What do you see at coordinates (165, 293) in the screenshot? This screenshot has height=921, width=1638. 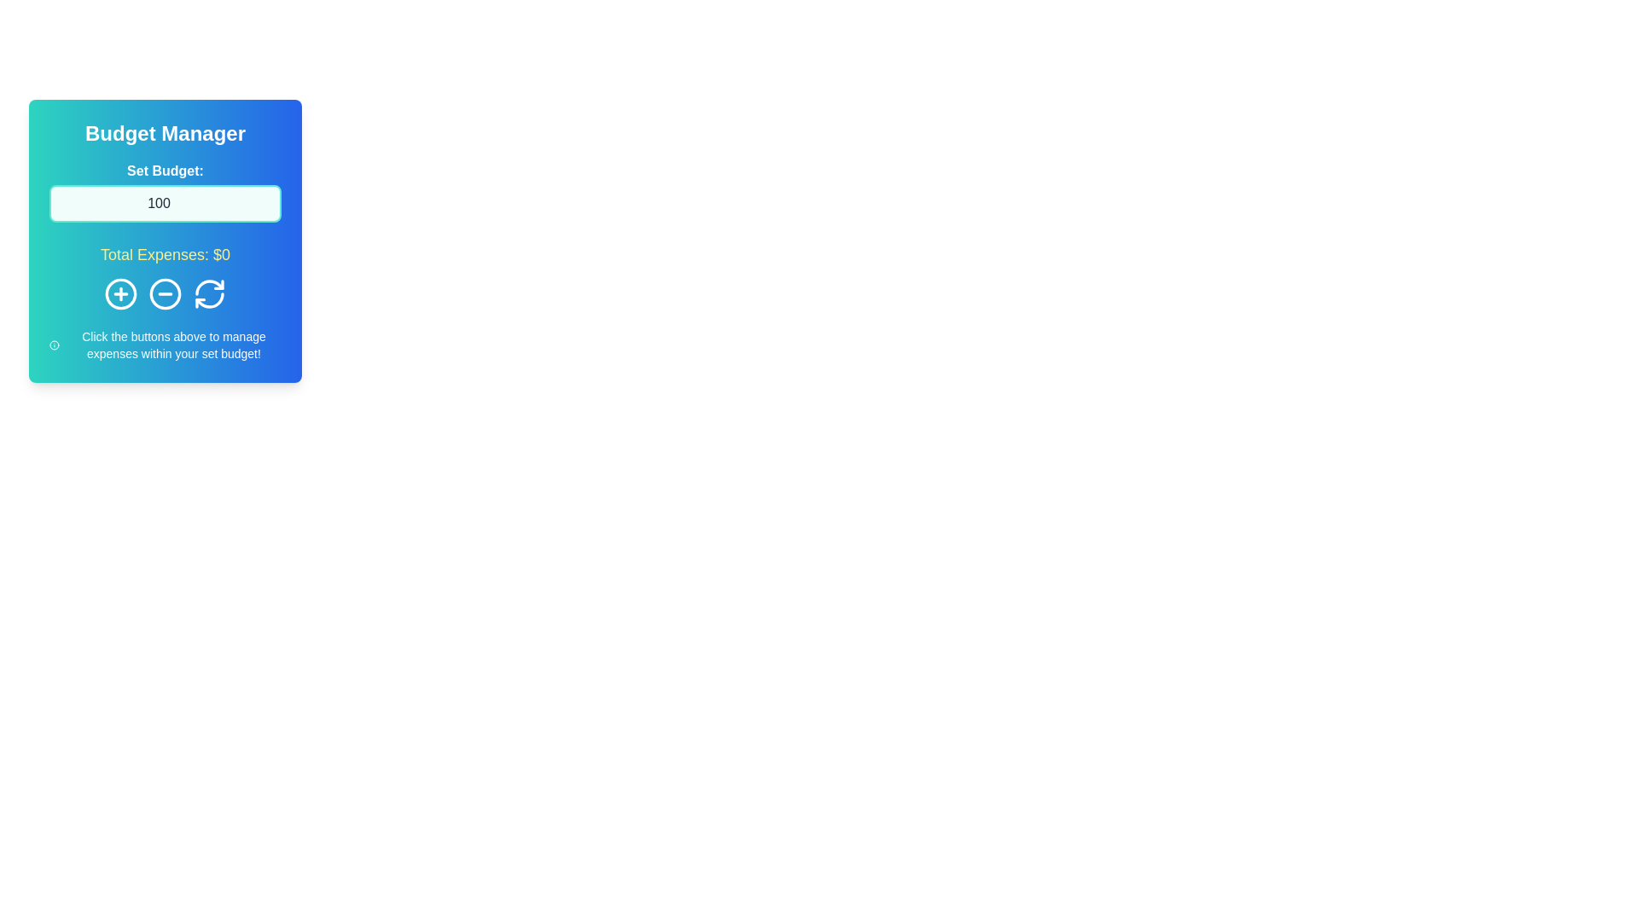 I see `the circular minus icon button located in the center of a row of three buttons beneath the 'Total Expenses' text to reduce a value` at bounding box center [165, 293].